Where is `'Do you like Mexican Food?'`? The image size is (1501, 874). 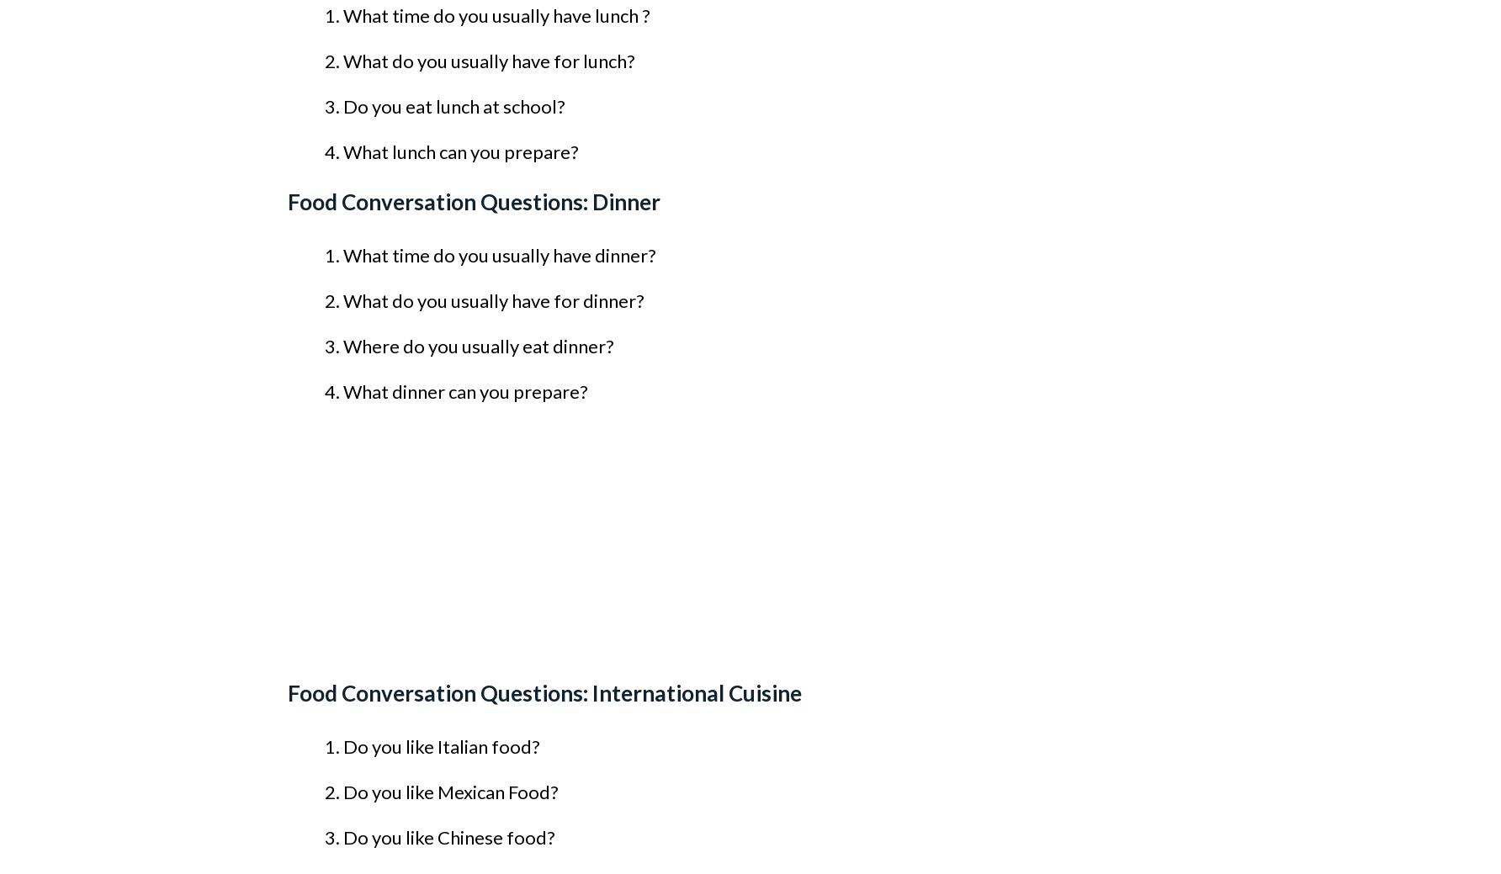 'Do you like Mexican Food?' is located at coordinates (450, 792).